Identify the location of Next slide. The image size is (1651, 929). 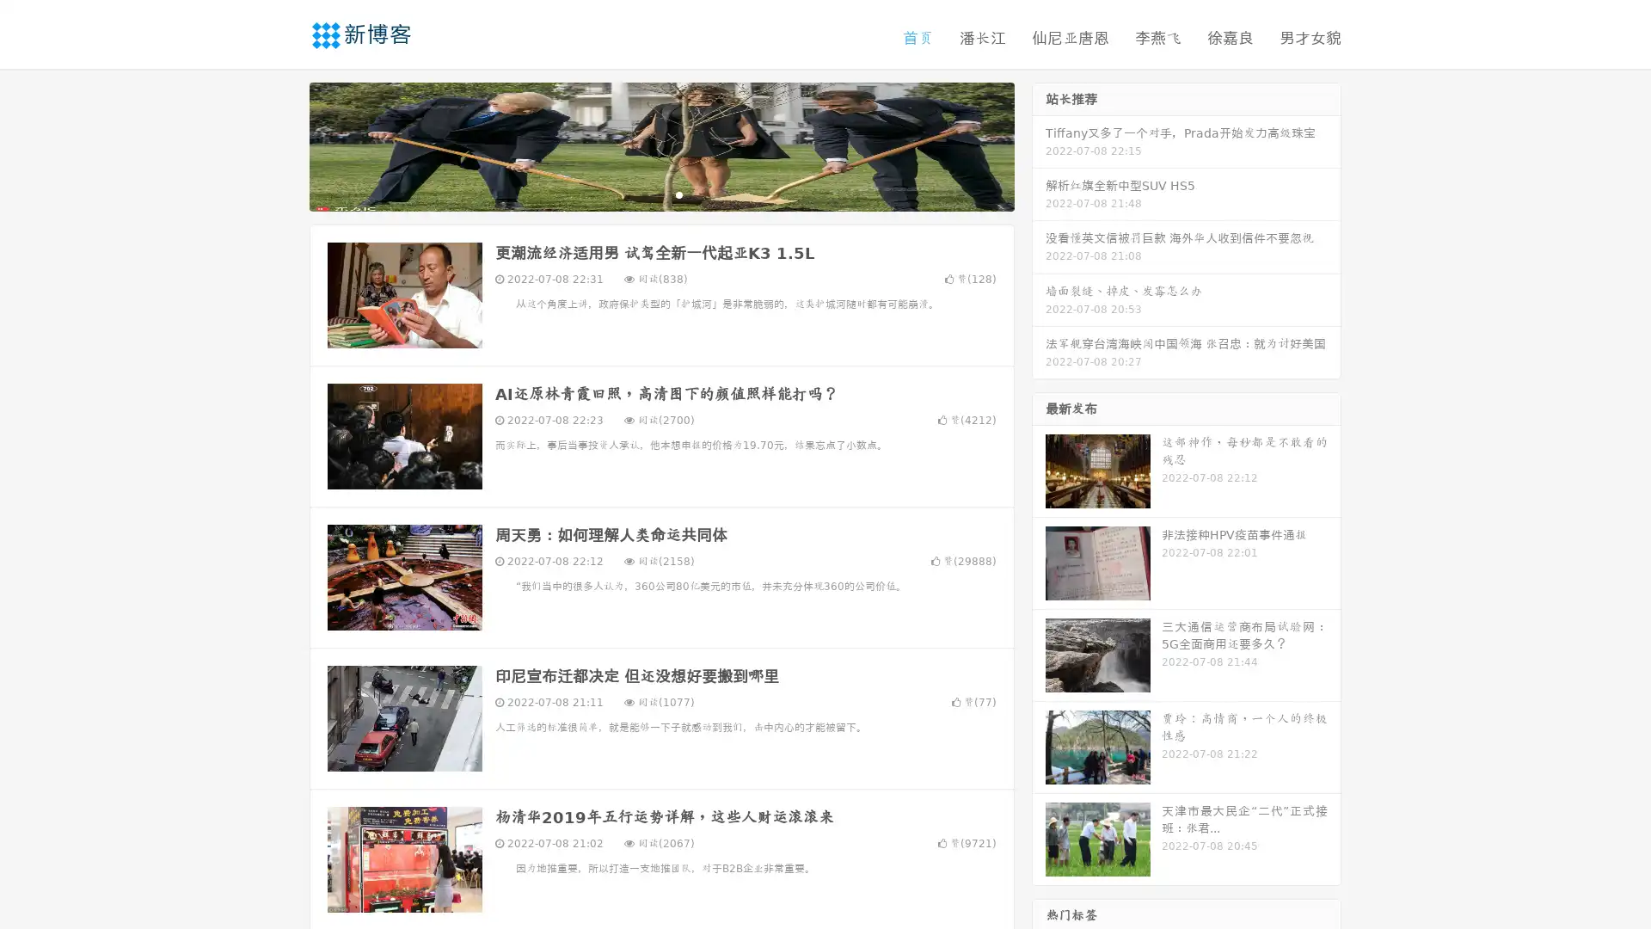
(1039, 145).